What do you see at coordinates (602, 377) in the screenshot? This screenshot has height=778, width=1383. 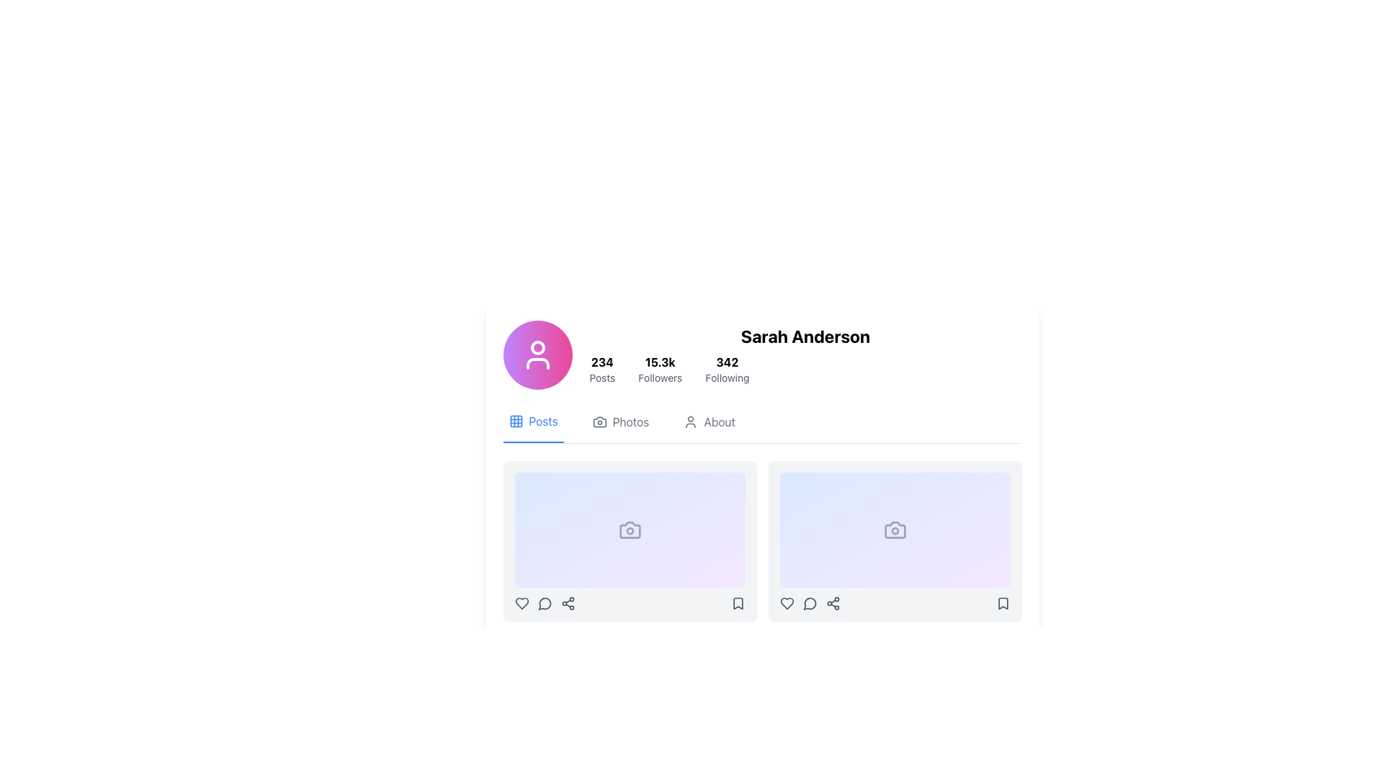 I see `the text label displaying 'Posts' in a smaller gray font, located beneath the number '234' in the statistics section of the profile page` at bounding box center [602, 377].